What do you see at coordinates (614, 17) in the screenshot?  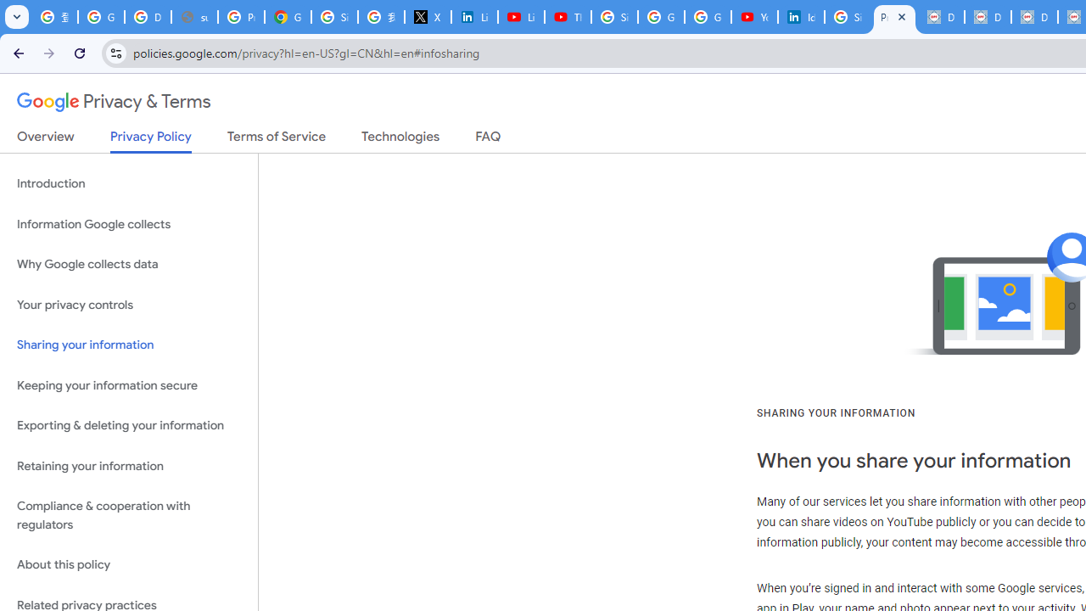 I see `'Sign in - Google Accounts'` at bounding box center [614, 17].